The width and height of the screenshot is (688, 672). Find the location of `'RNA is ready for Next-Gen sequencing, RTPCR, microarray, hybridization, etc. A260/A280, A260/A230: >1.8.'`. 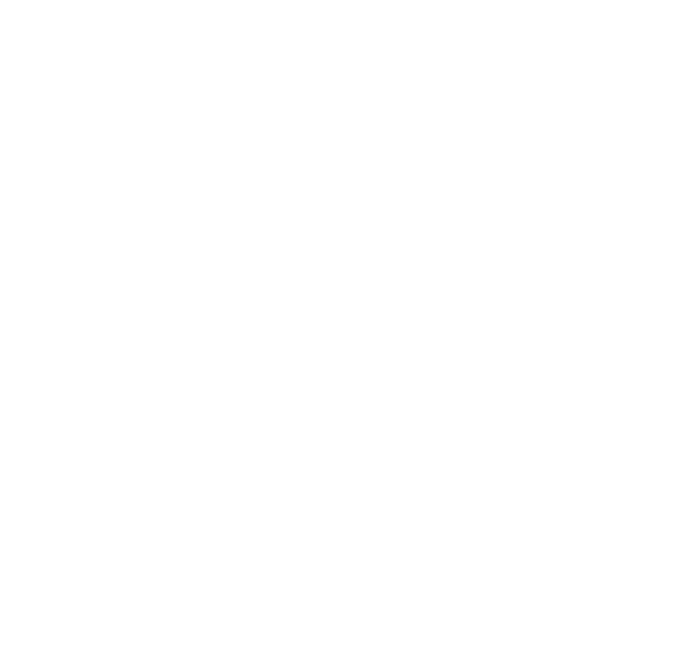

'RNA is ready for Next-Gen sequencing, RTPCR, microarray, hybridization, etc. A260/A280, A260/A230: >1.8.' is located at coordinates (428, 316).